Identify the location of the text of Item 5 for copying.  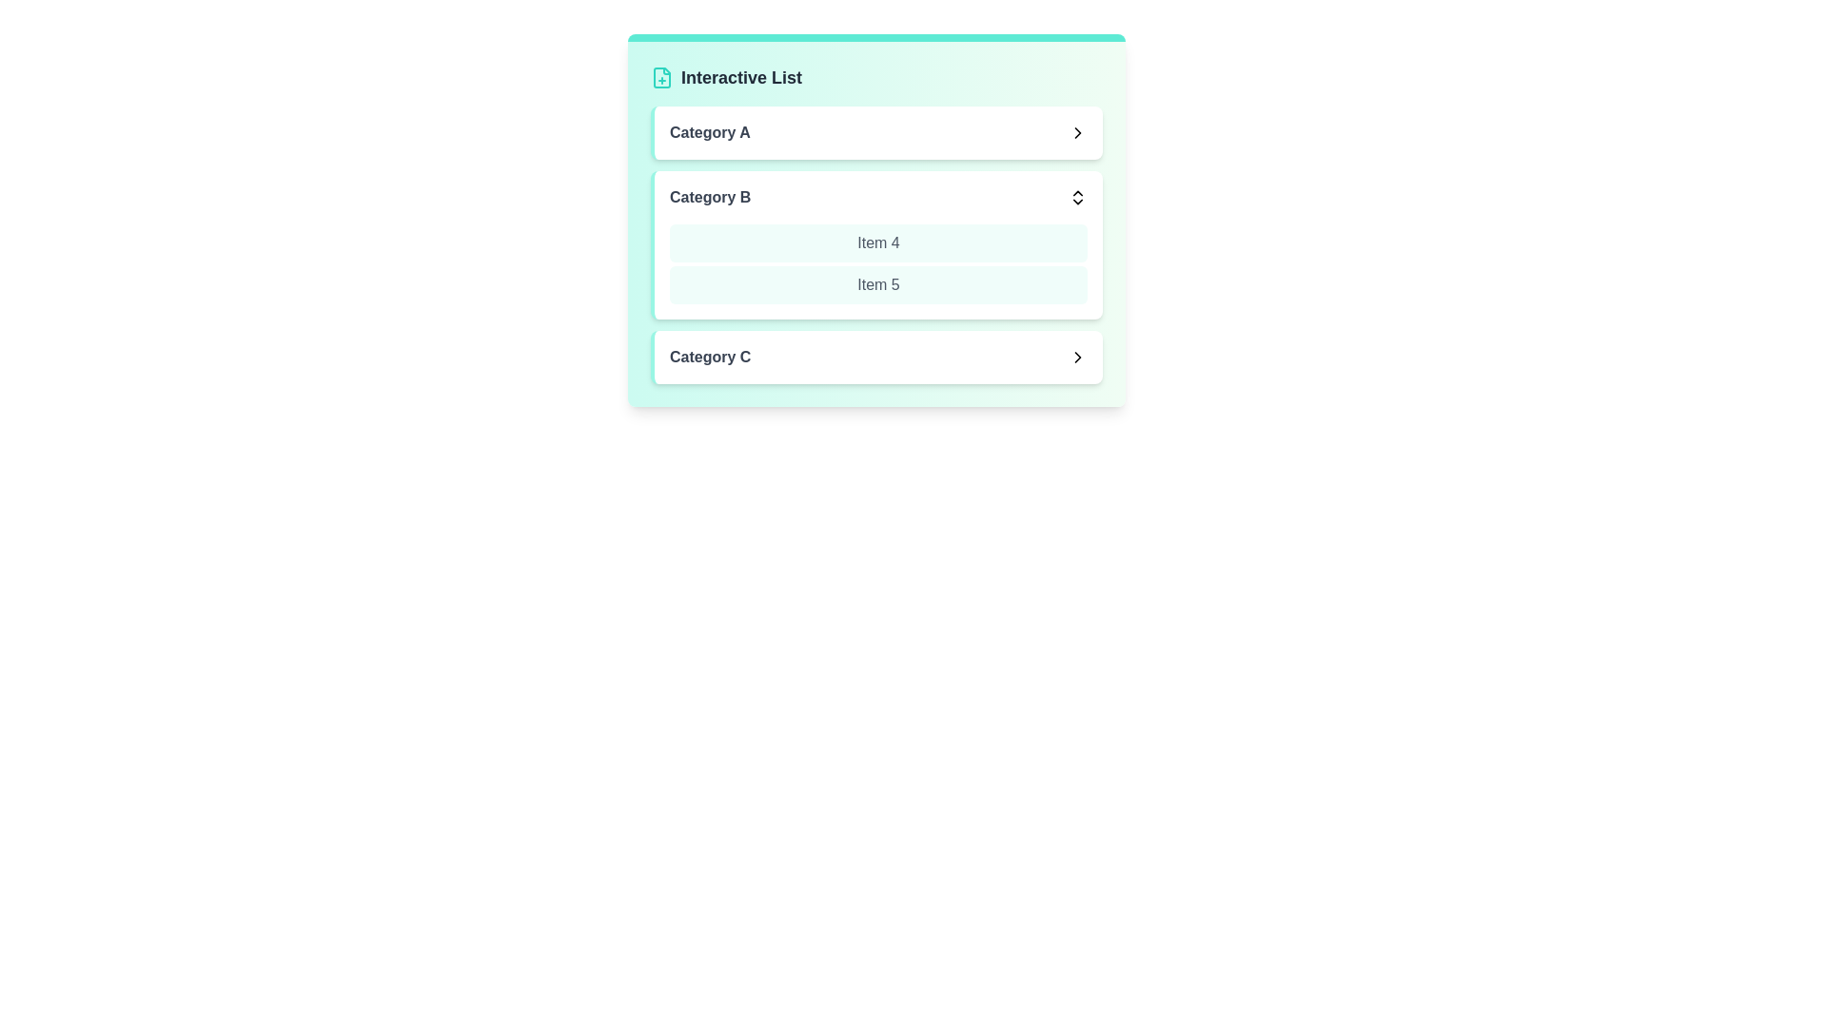
(877, 285).